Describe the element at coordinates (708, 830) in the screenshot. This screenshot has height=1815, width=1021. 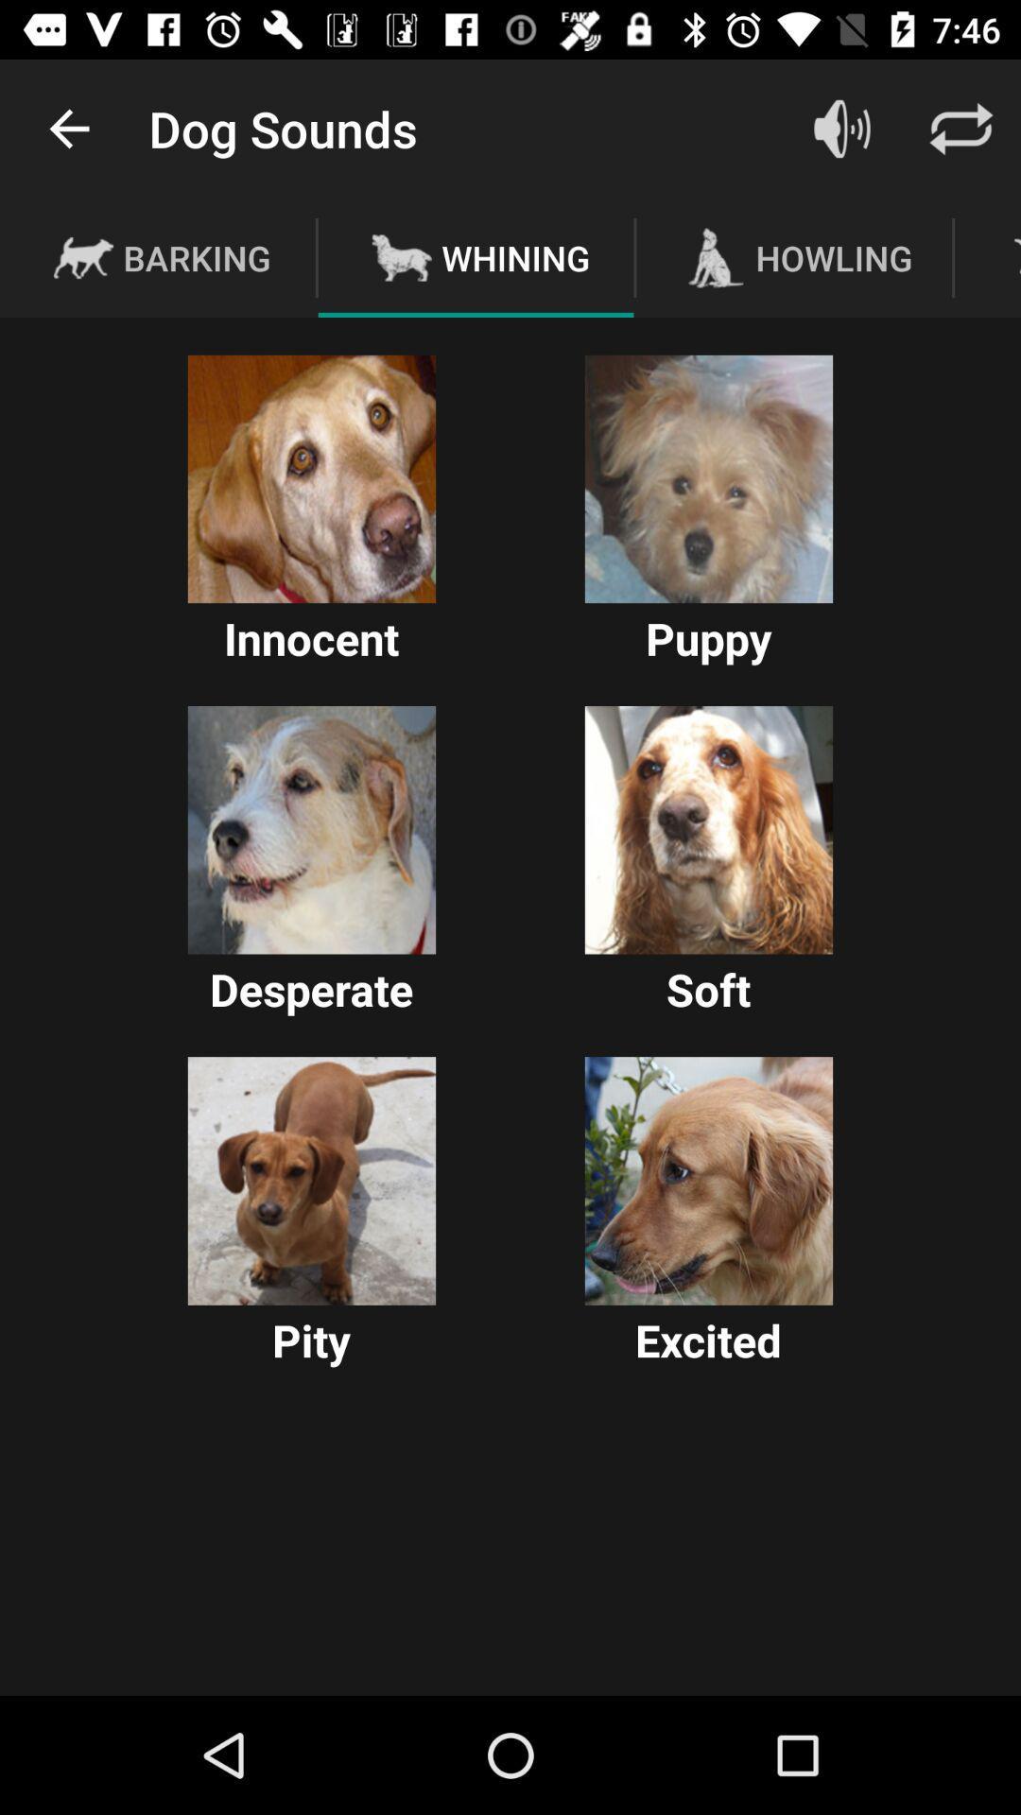
I see `soft dog sound` at that location.